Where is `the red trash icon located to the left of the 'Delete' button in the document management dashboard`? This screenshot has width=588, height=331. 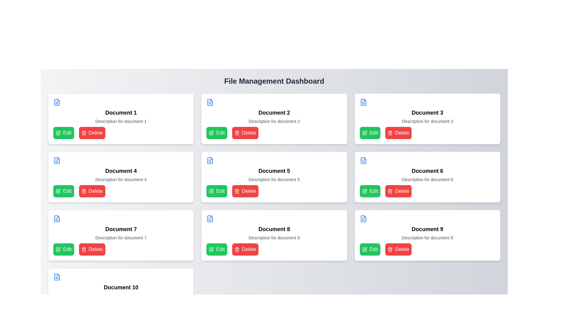
the red trash icon located to the left of the 'Delete' button in the document management dashboard is located at coordinates (236, 191).